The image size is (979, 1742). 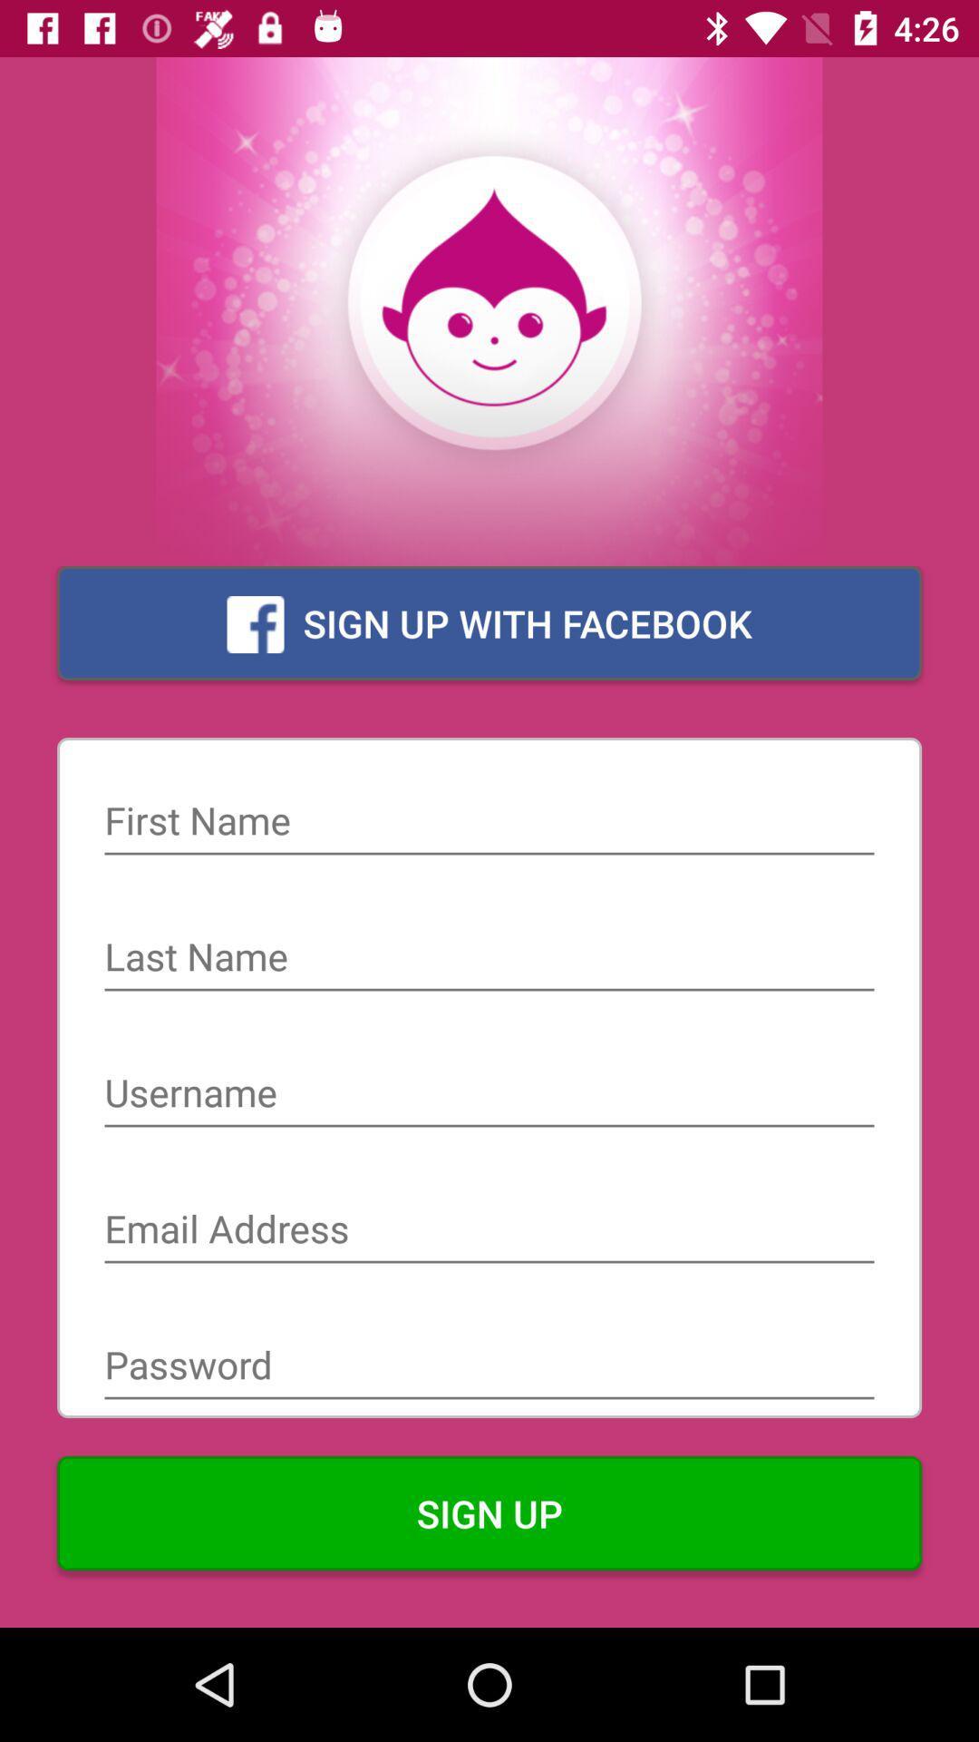 I want to click on text, so click(x=489, y=958).